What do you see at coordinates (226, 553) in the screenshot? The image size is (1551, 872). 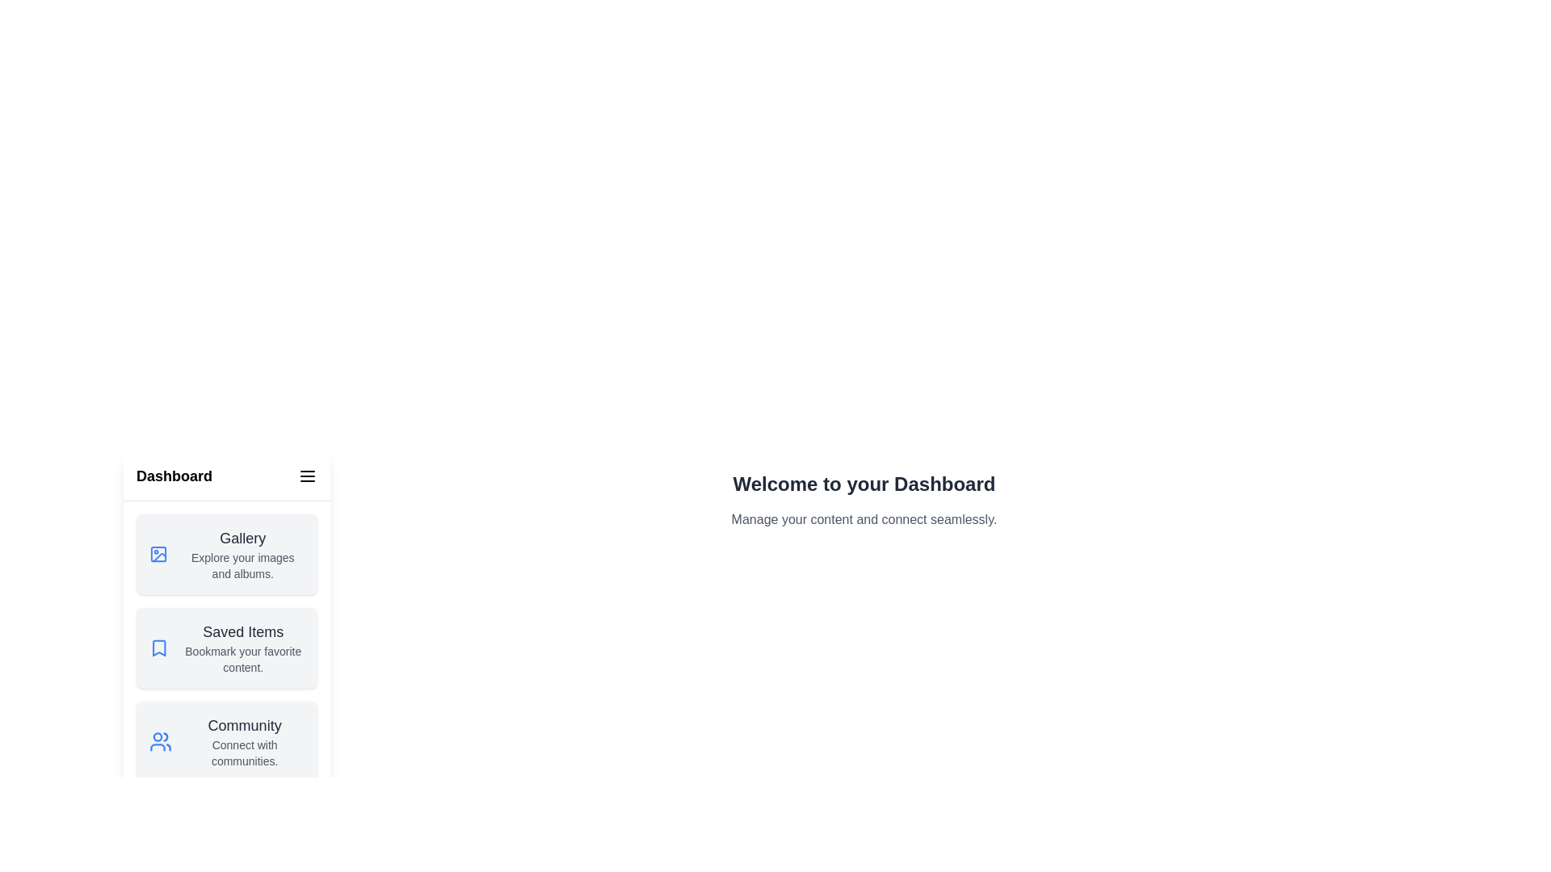 I see `the section Gallery in the drawer` at bounding box center [226, 553].